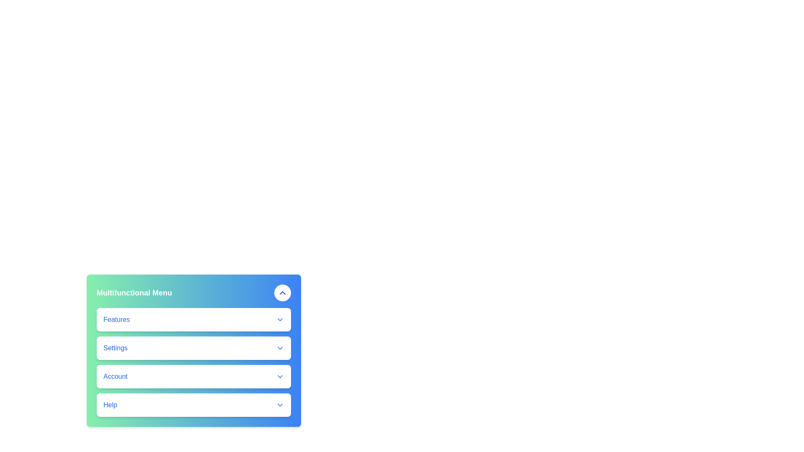  I want to click on 'Multifunctional Menu' text label, which is prominently displayed in a larger, bold font at the top-left corner of the menu panel, so click(134, 292).